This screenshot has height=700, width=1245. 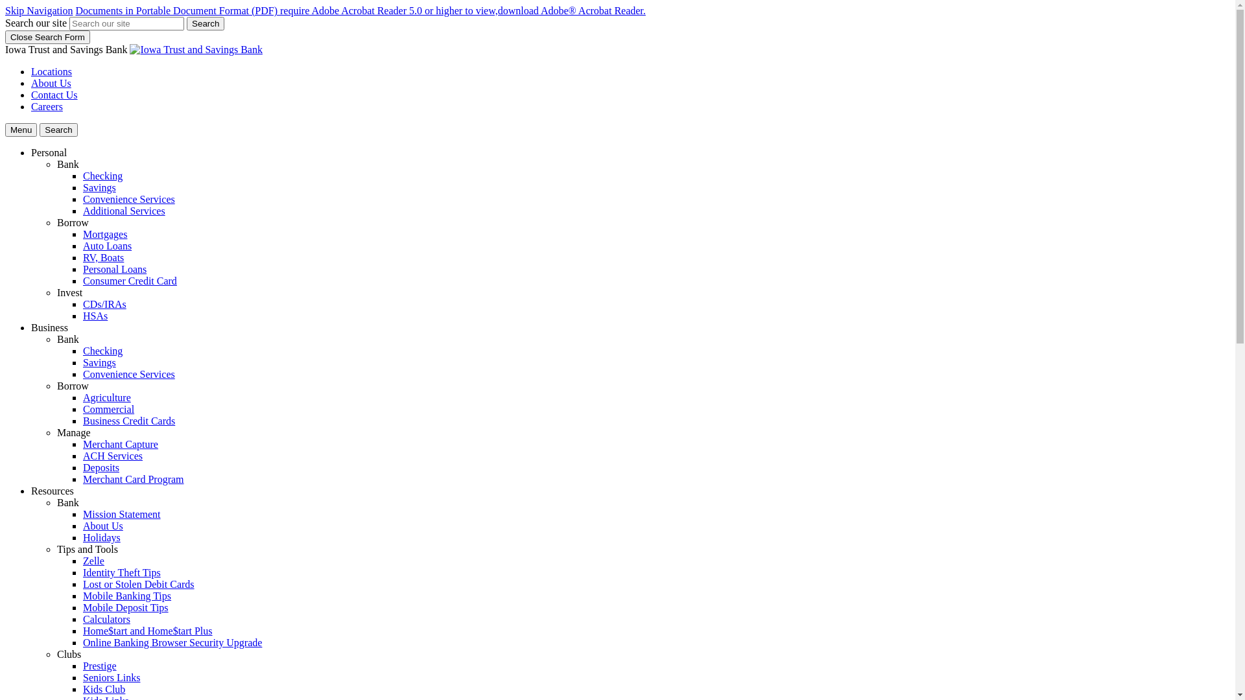 I want to click on 'ACH Services', so click(x=112, y=455).